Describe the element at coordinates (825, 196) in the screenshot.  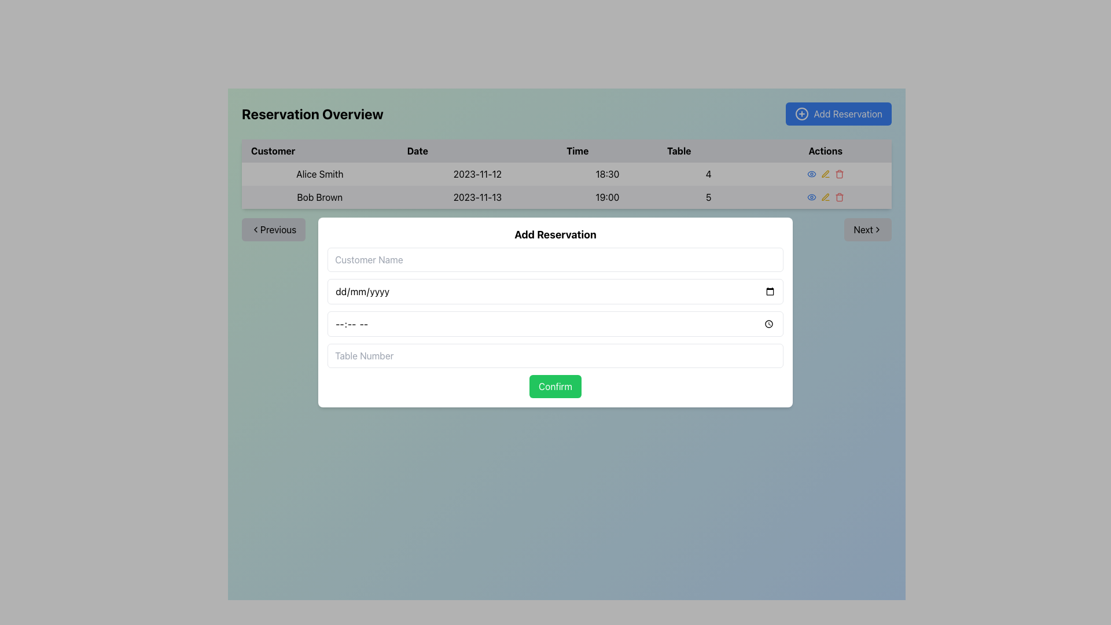
I see `the pencil-shaped icon with a yellow fill, located in the fifth column of the 'Reservation Overview' table under the 'Actions' header, corresponding to 'Bob Brown'` at that location.